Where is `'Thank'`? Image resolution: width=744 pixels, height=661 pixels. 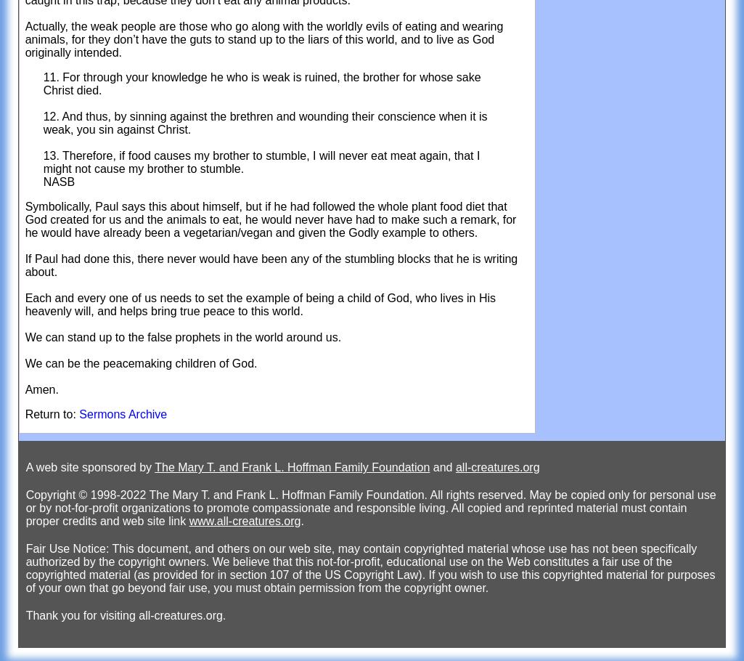
'Thank' is located at coordinates (41, 615).